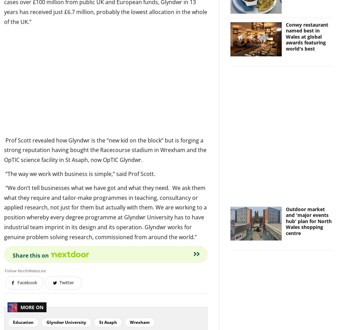  I want to click on 'Twitter', so click(66, 282).